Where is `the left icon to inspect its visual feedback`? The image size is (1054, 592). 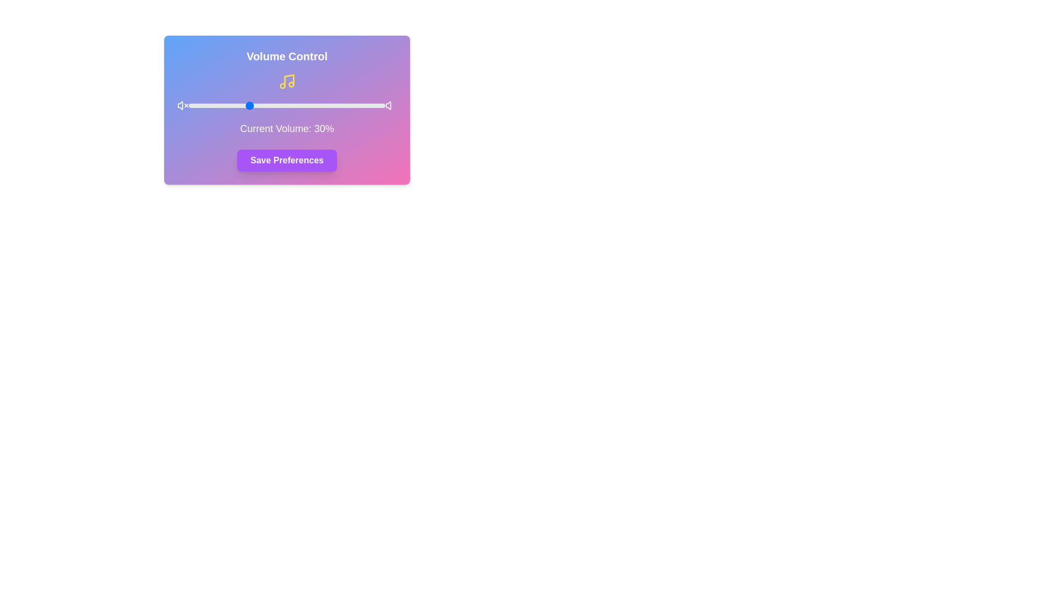 the left icon to inspect its visual feedback is located at coordinates (182, 105).